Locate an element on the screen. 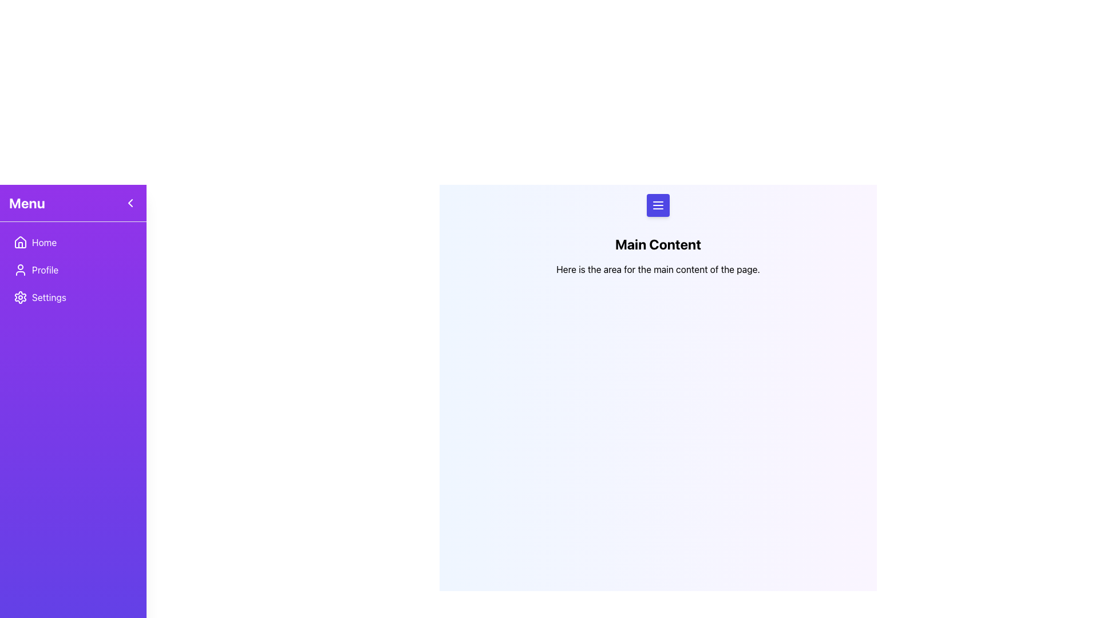 The height and width of the screenshot is (618, 1099). the static text reading 'Here is the area for the main content of the page.', which is located directly beneath the bold heading 'Main Content' in the central area of the interface is located at coordinates (658, 269).